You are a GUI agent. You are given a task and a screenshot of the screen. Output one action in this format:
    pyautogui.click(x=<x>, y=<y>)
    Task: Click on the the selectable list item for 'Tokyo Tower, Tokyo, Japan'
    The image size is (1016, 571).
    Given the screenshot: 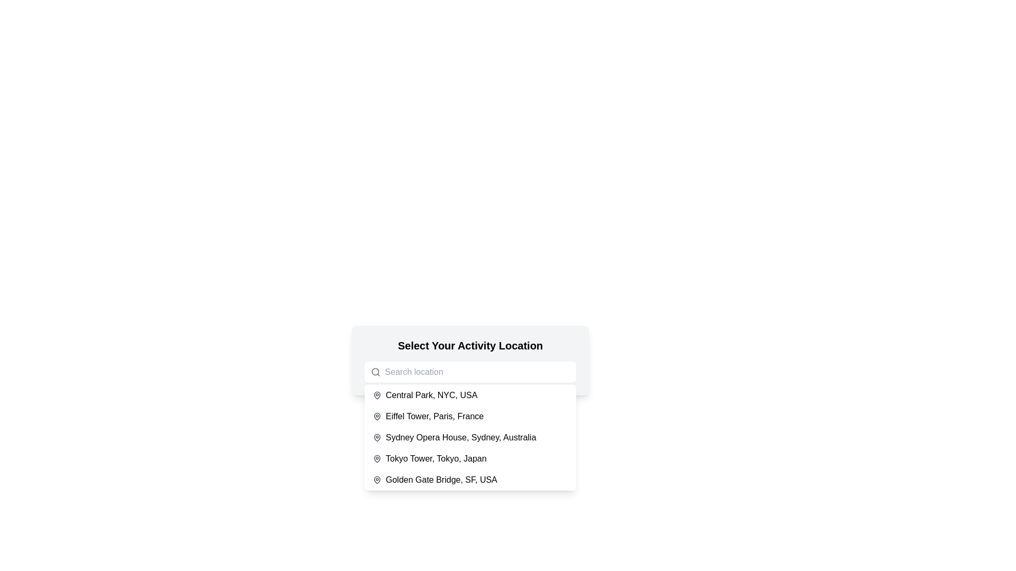 What is the action you would take?
    pyautogui.click(x=436, y=458)
    